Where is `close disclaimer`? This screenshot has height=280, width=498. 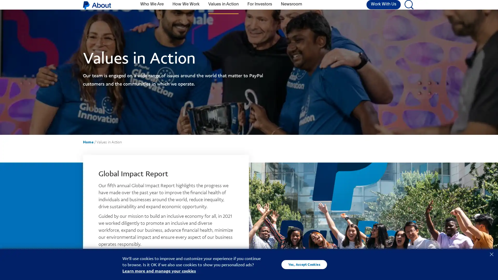 close disclaimer is located at coordinates (491, 254).